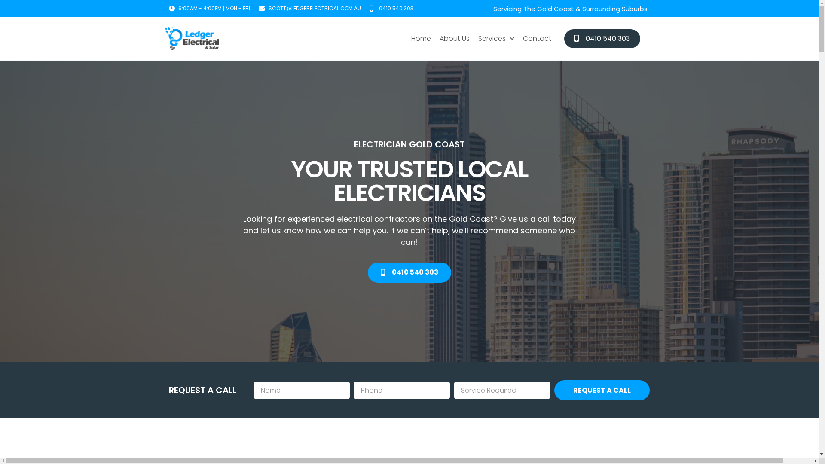 The width and height of the screenshot is (825, 464). Describe the element at coordinates (602, 390) in the screenshot. I see `'REQUEST A CALL'` at that location.